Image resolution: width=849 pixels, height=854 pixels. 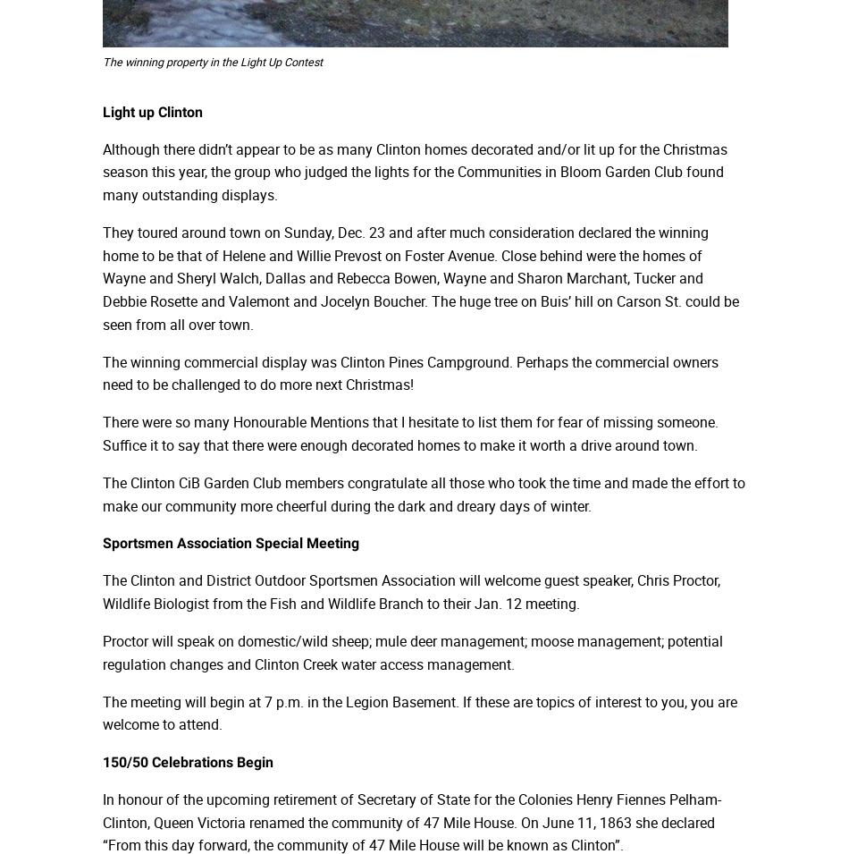 What do you see at coordinates (423, 493) in the screenshot?
I see `'The Clinton CiB Garden Club members congratulate all those who took the time and made the effort to make our community more cheerful during the dark and dreary days of winter.'` at bounding box center [423, 493].